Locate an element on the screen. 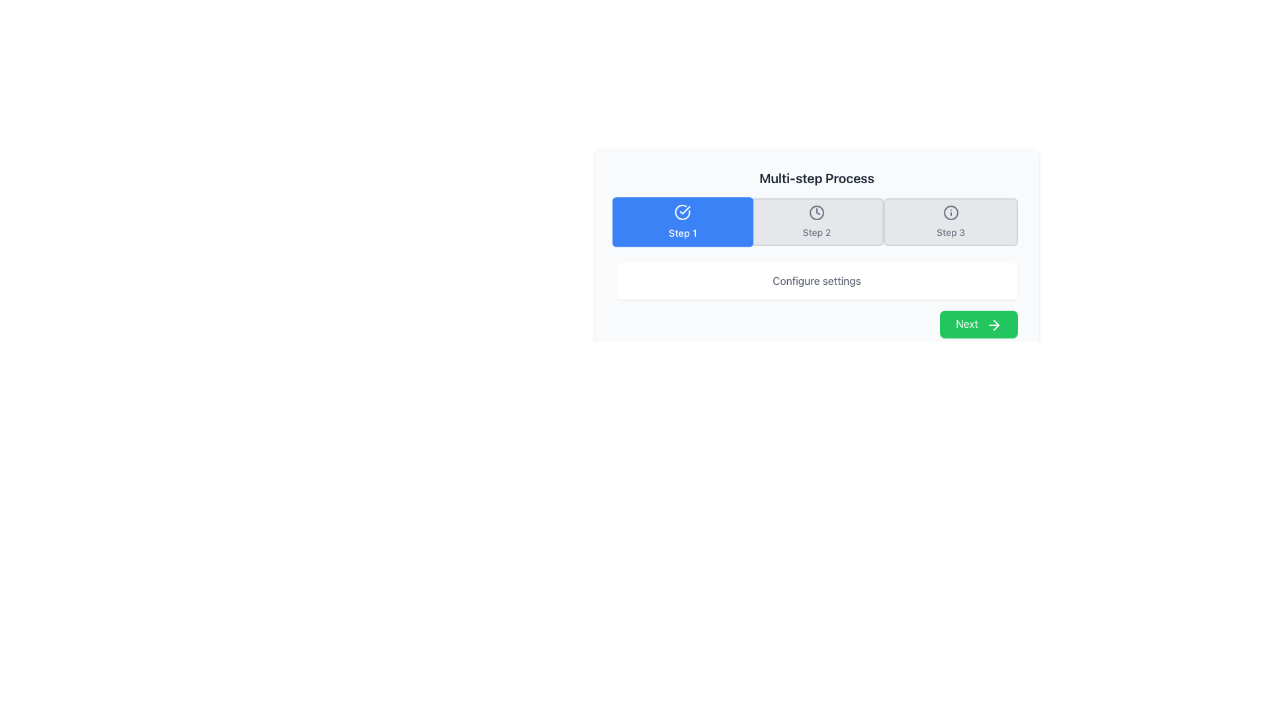 The width and height of the screenshot is (1270, 714). the details of the circular information icon with an 'i' symbol, located in the center top of the wizard step UI within the 'Step 3' box is located at coordinates (950, 212).